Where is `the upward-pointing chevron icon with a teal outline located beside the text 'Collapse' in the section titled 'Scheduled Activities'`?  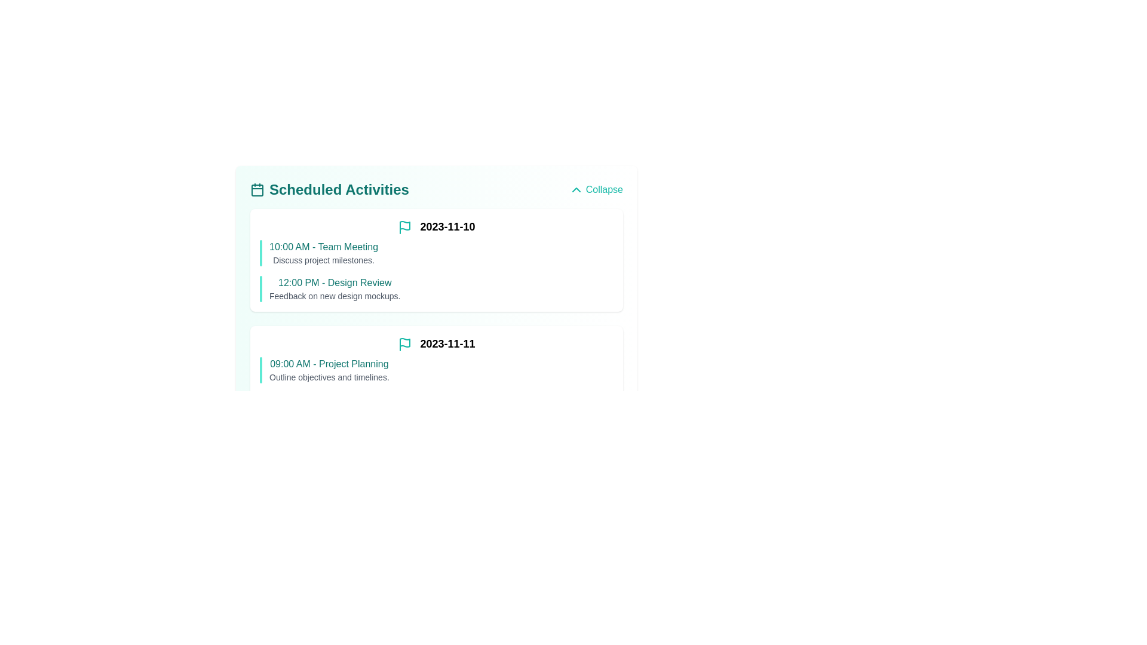 the upward-pointing chevron icon with a teal outline located beside the text 'Collapse' in the section titled 'Scheduled Activities' is located at coordinates (576, 189).